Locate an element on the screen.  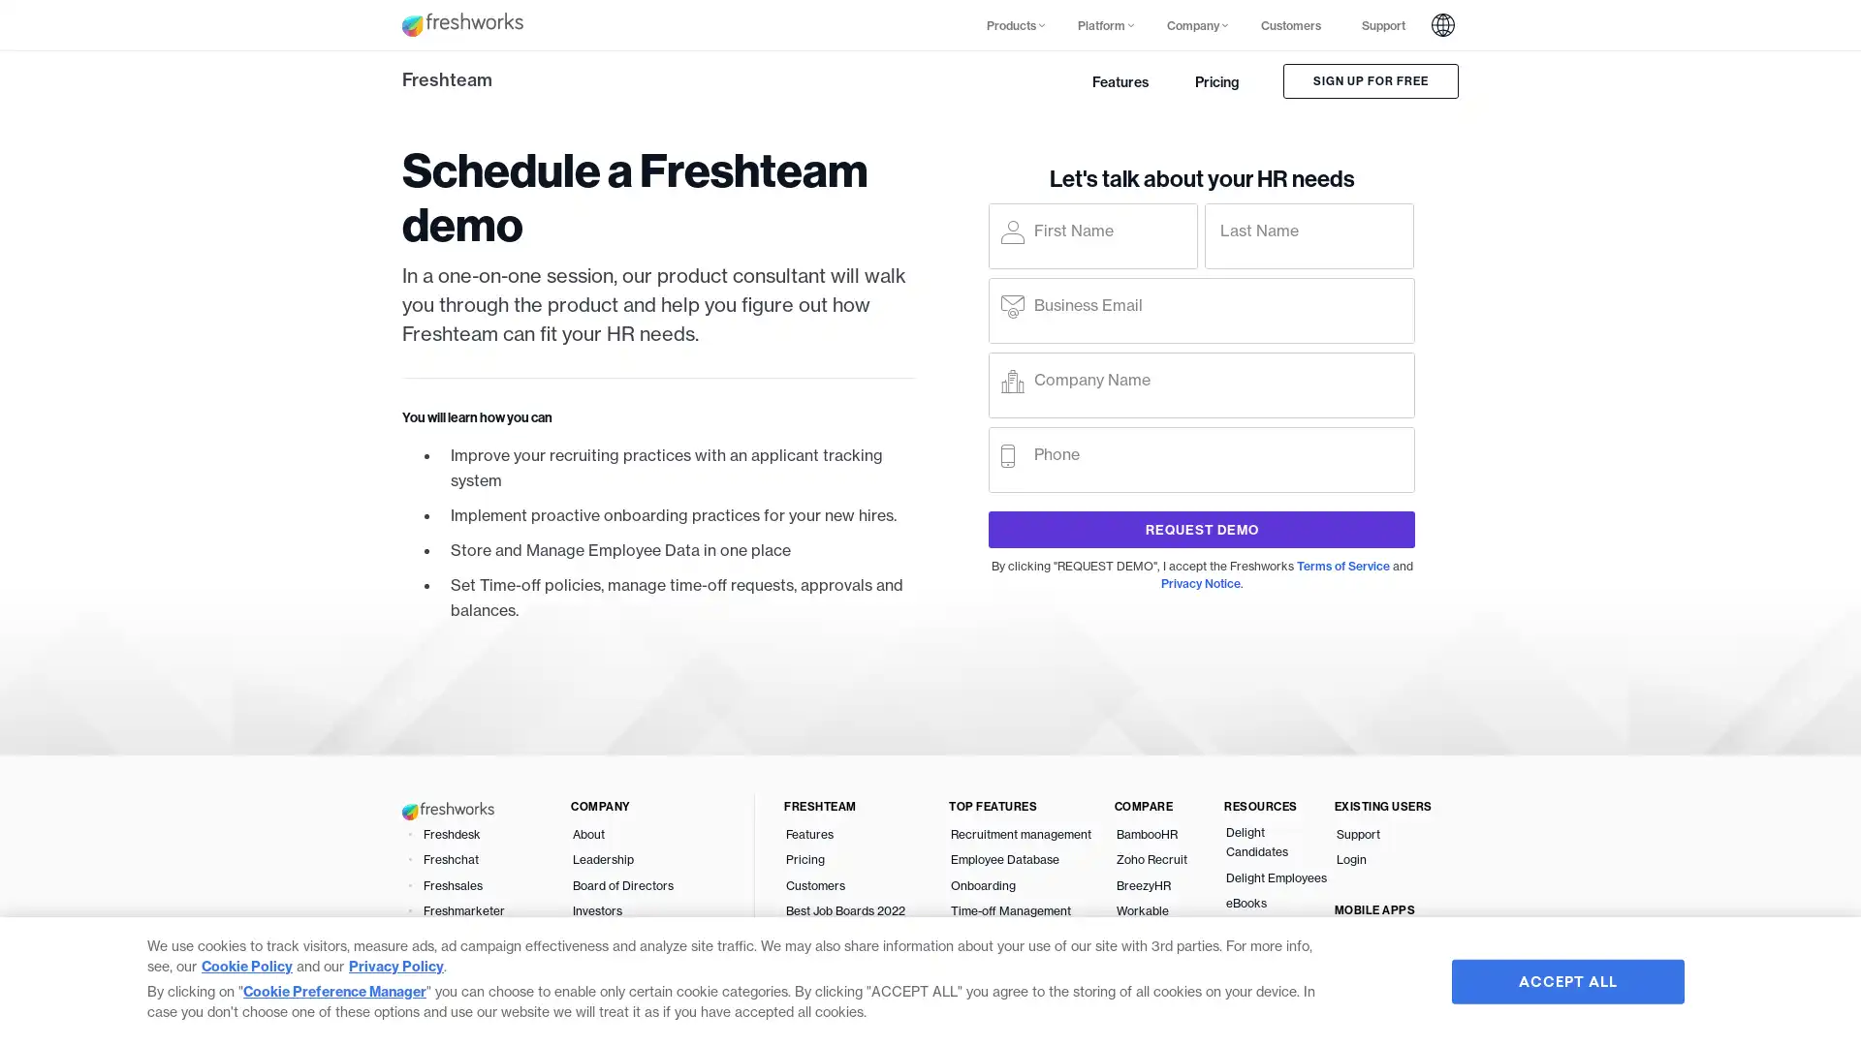
SIGN UP FOR FREE is located at coordinates (1370, 80).